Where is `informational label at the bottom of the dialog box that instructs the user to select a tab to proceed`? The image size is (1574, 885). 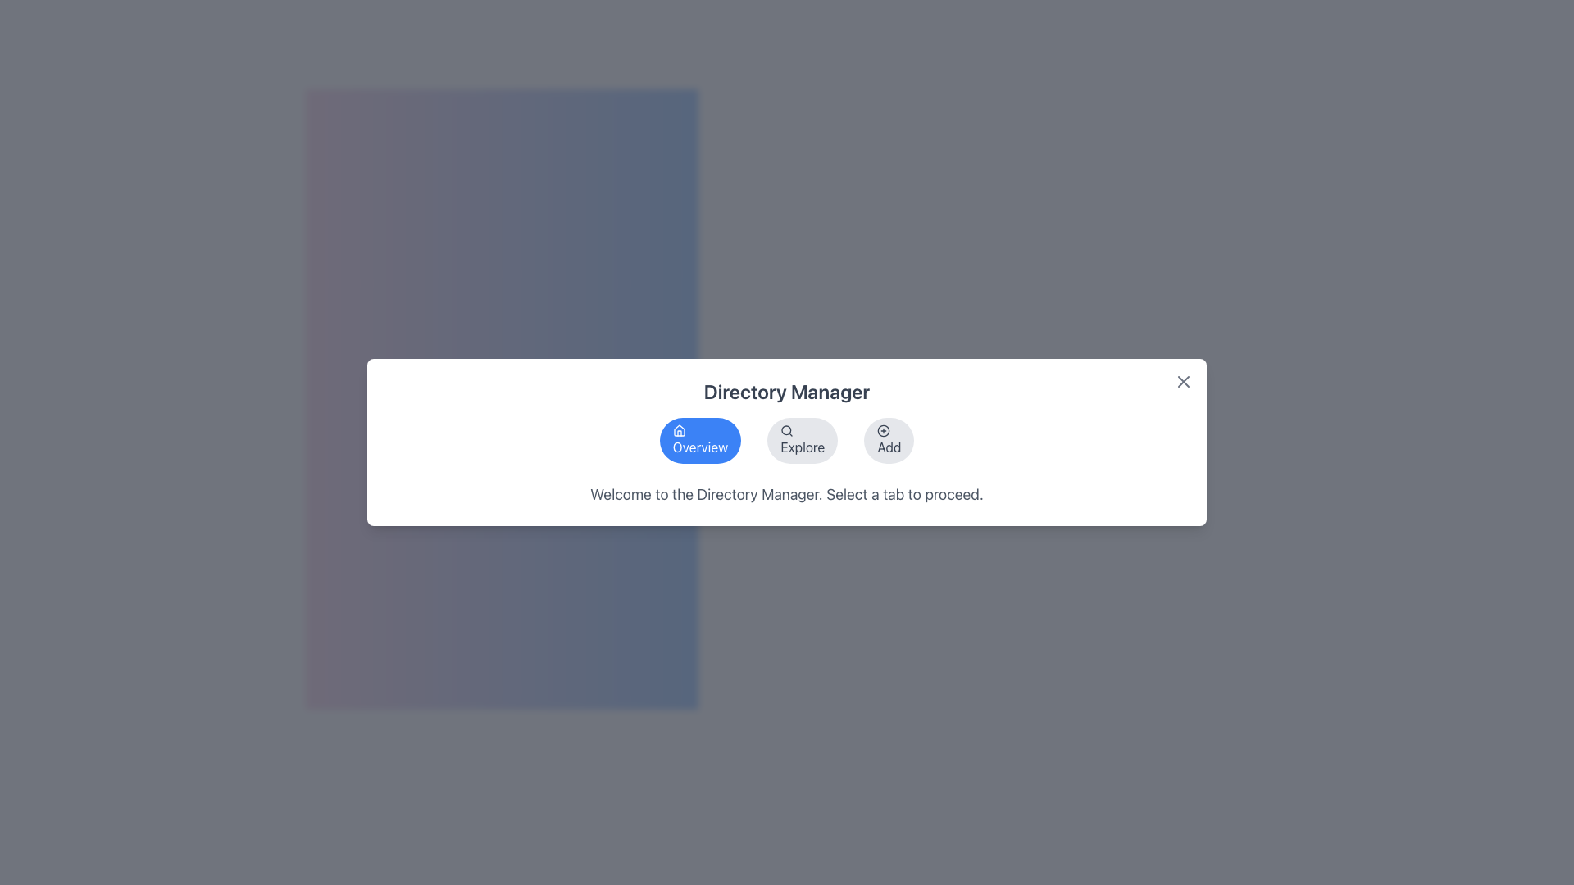 informational label at the bottom of the dialog box that instructs the user to select a tab to proceed is located at coordinates (787, 494).